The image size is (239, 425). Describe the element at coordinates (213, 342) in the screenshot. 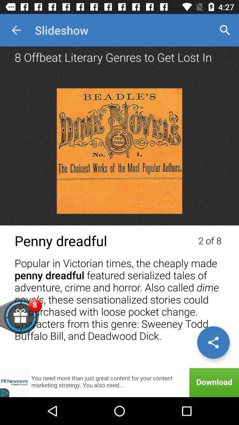

I see `share content` at that location.